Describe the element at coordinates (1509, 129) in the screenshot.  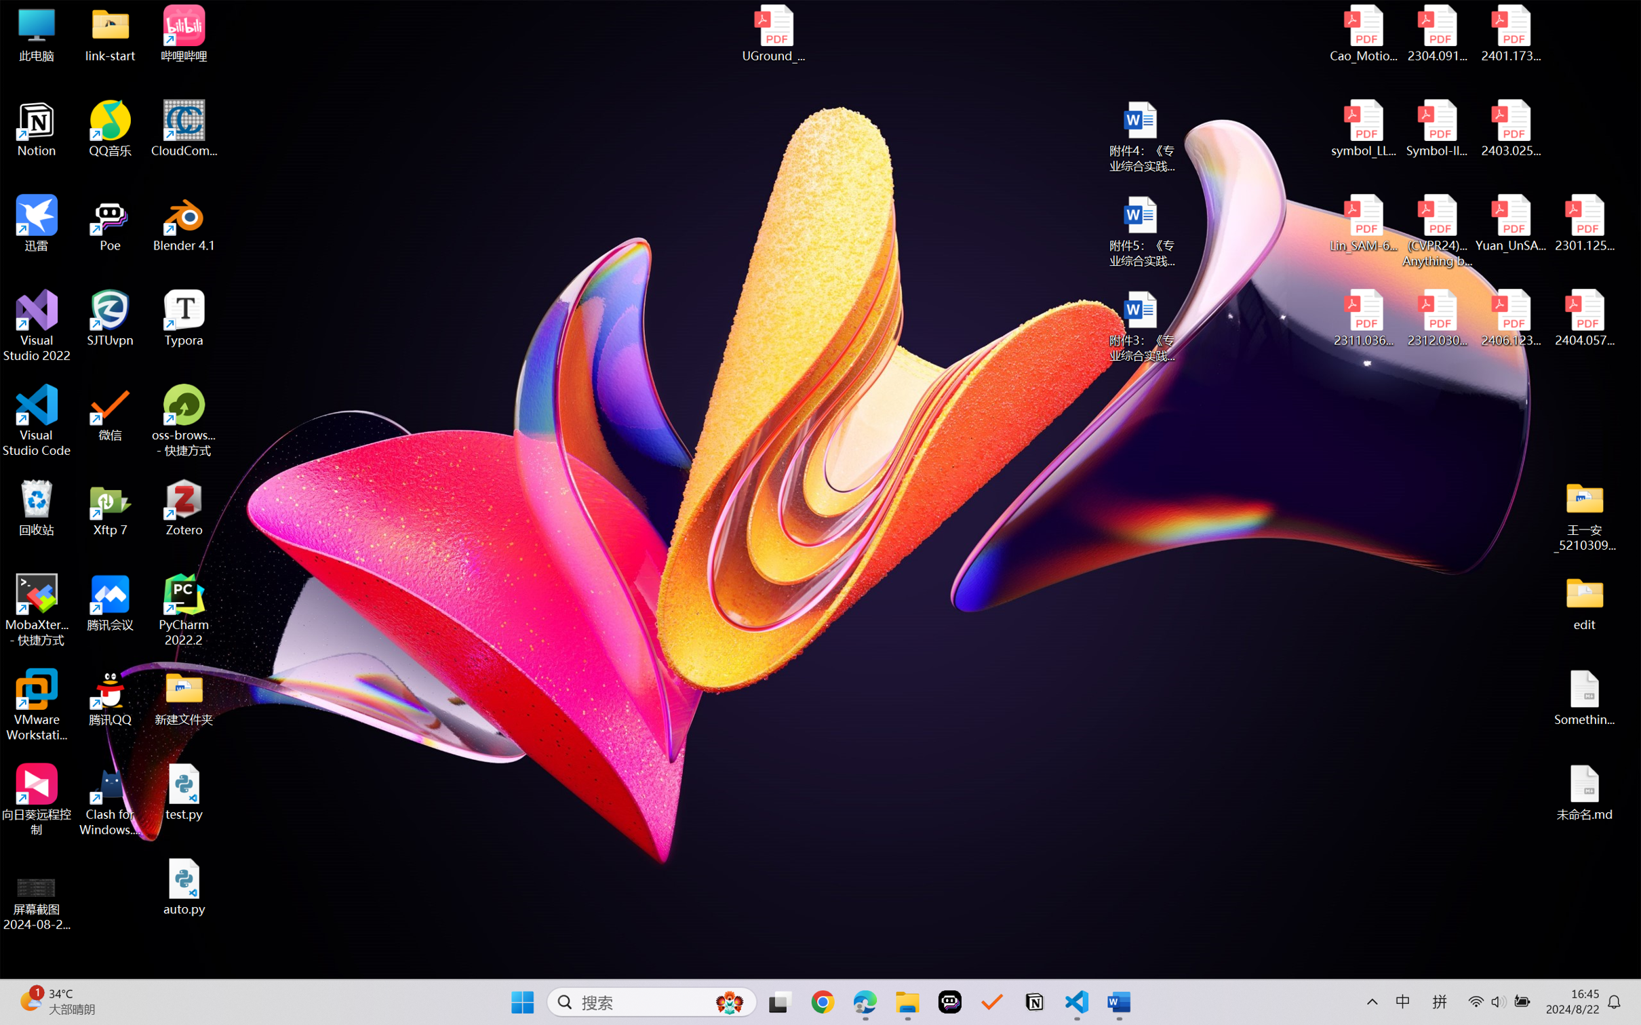
I see `'2403.02502v1.pdf'` at that location.